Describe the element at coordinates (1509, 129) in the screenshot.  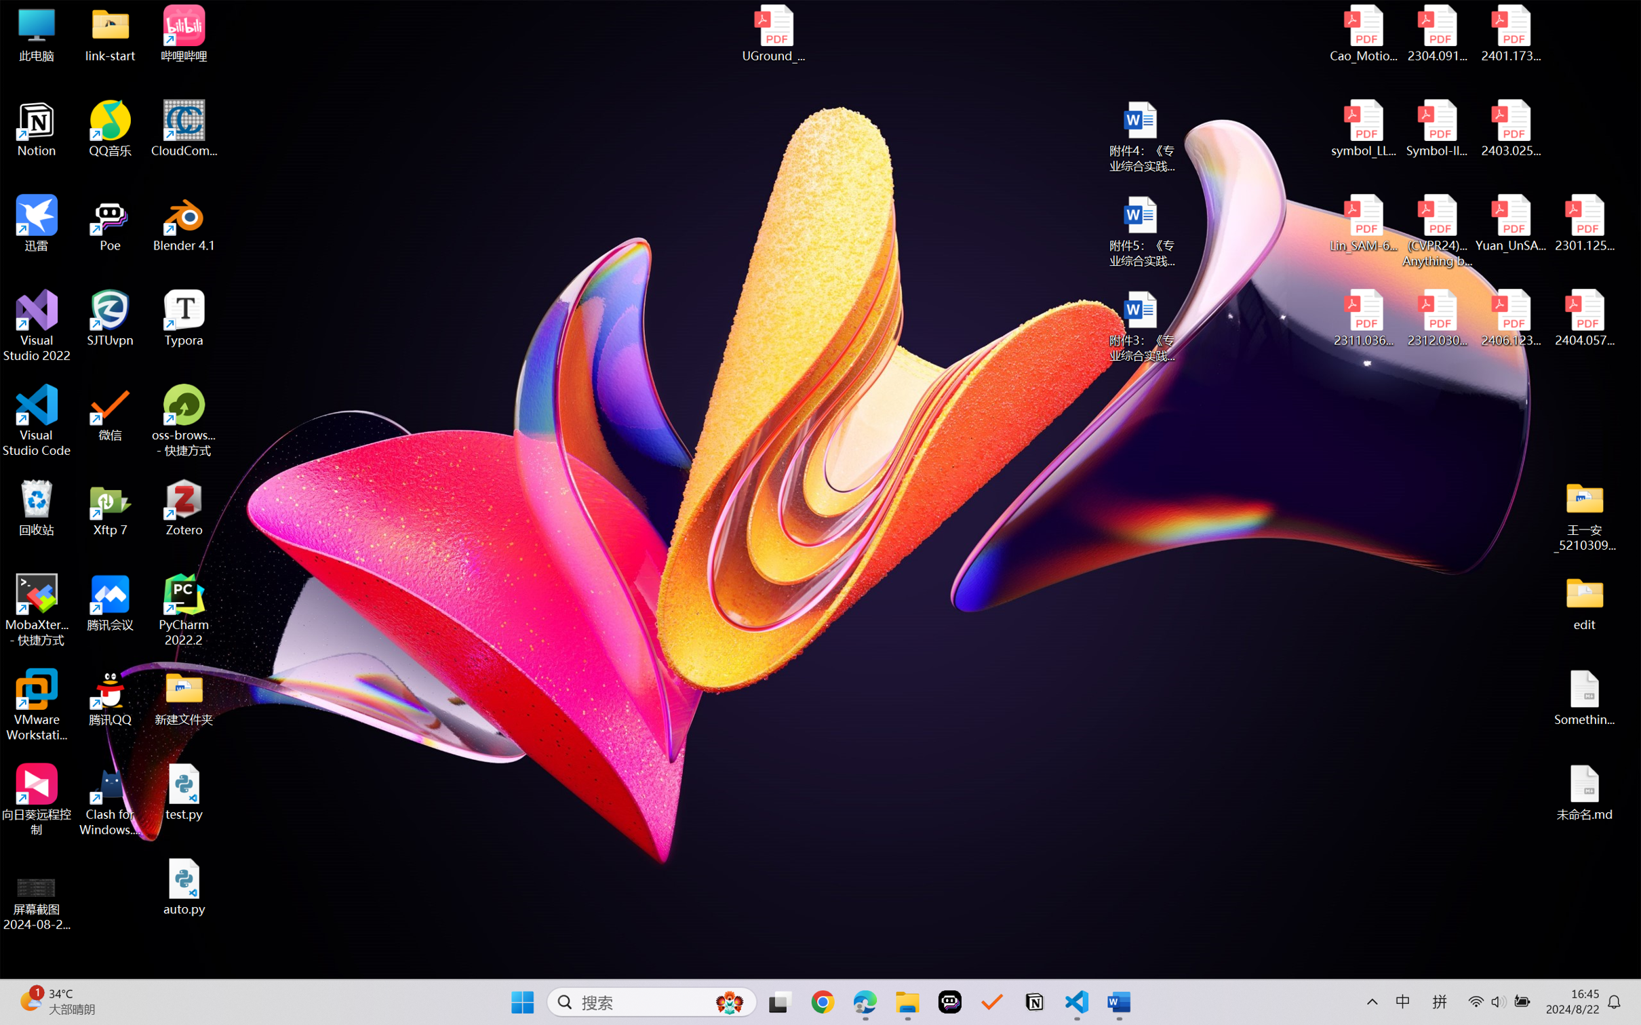
I see `'2403.02502v1.pdf'` at that location.